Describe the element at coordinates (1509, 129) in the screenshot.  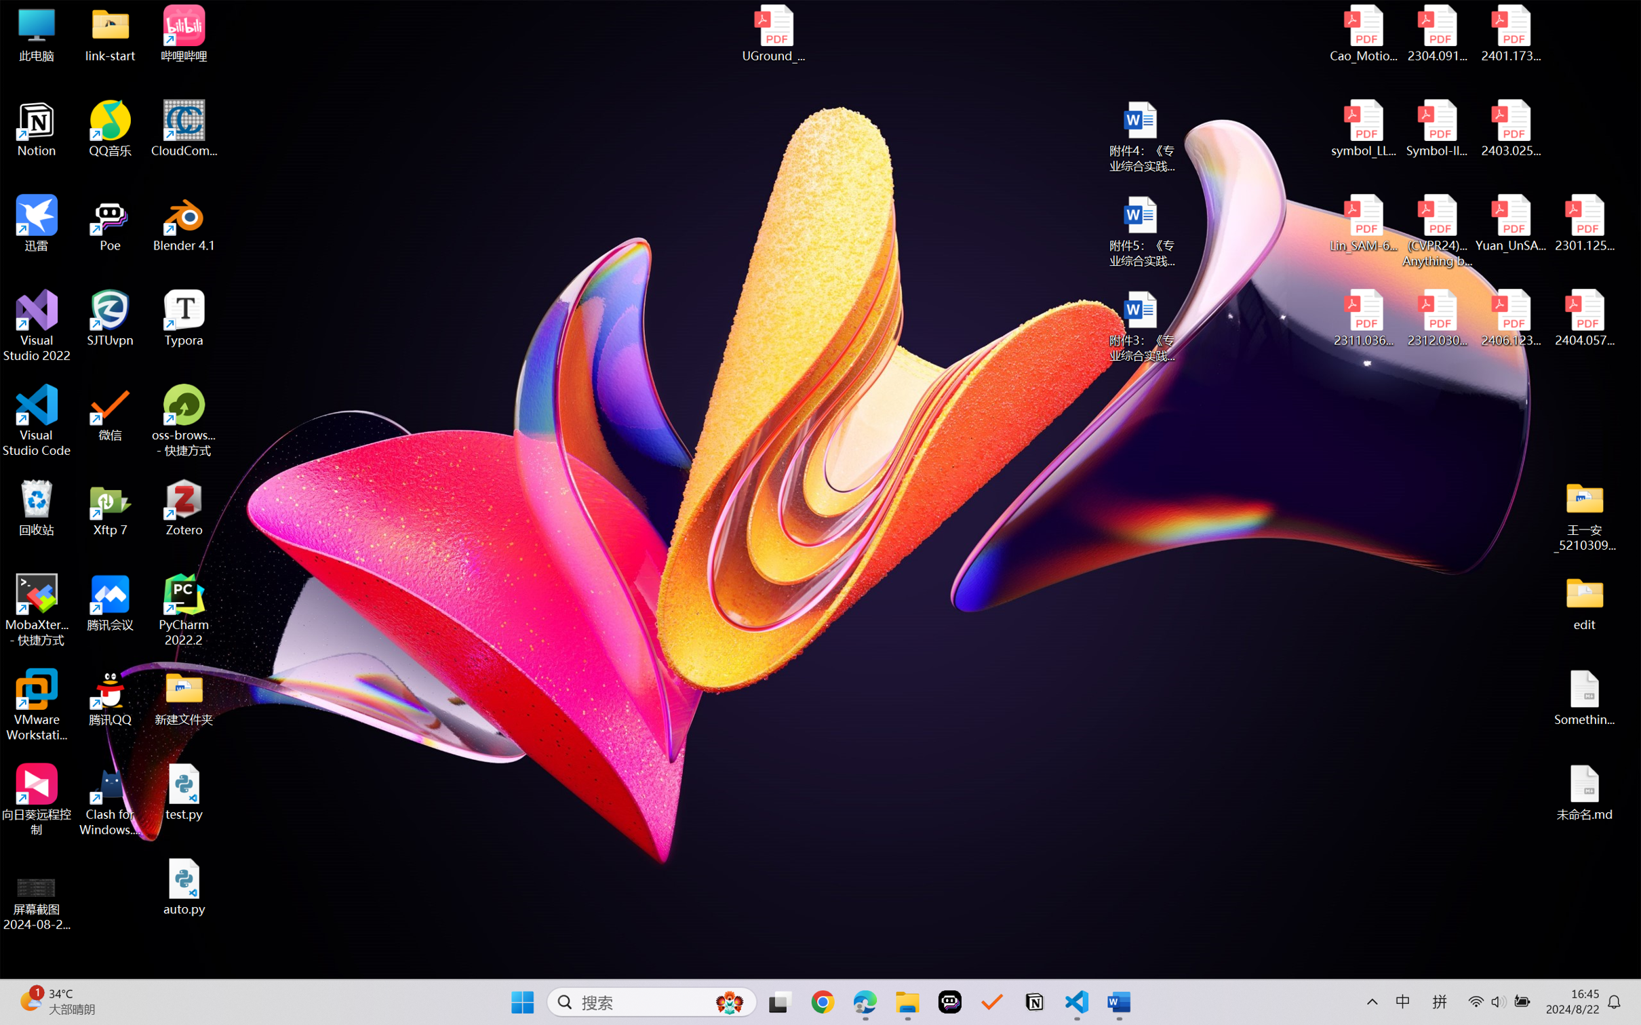
I see `'2403.02502v1.pdf'` at that location.